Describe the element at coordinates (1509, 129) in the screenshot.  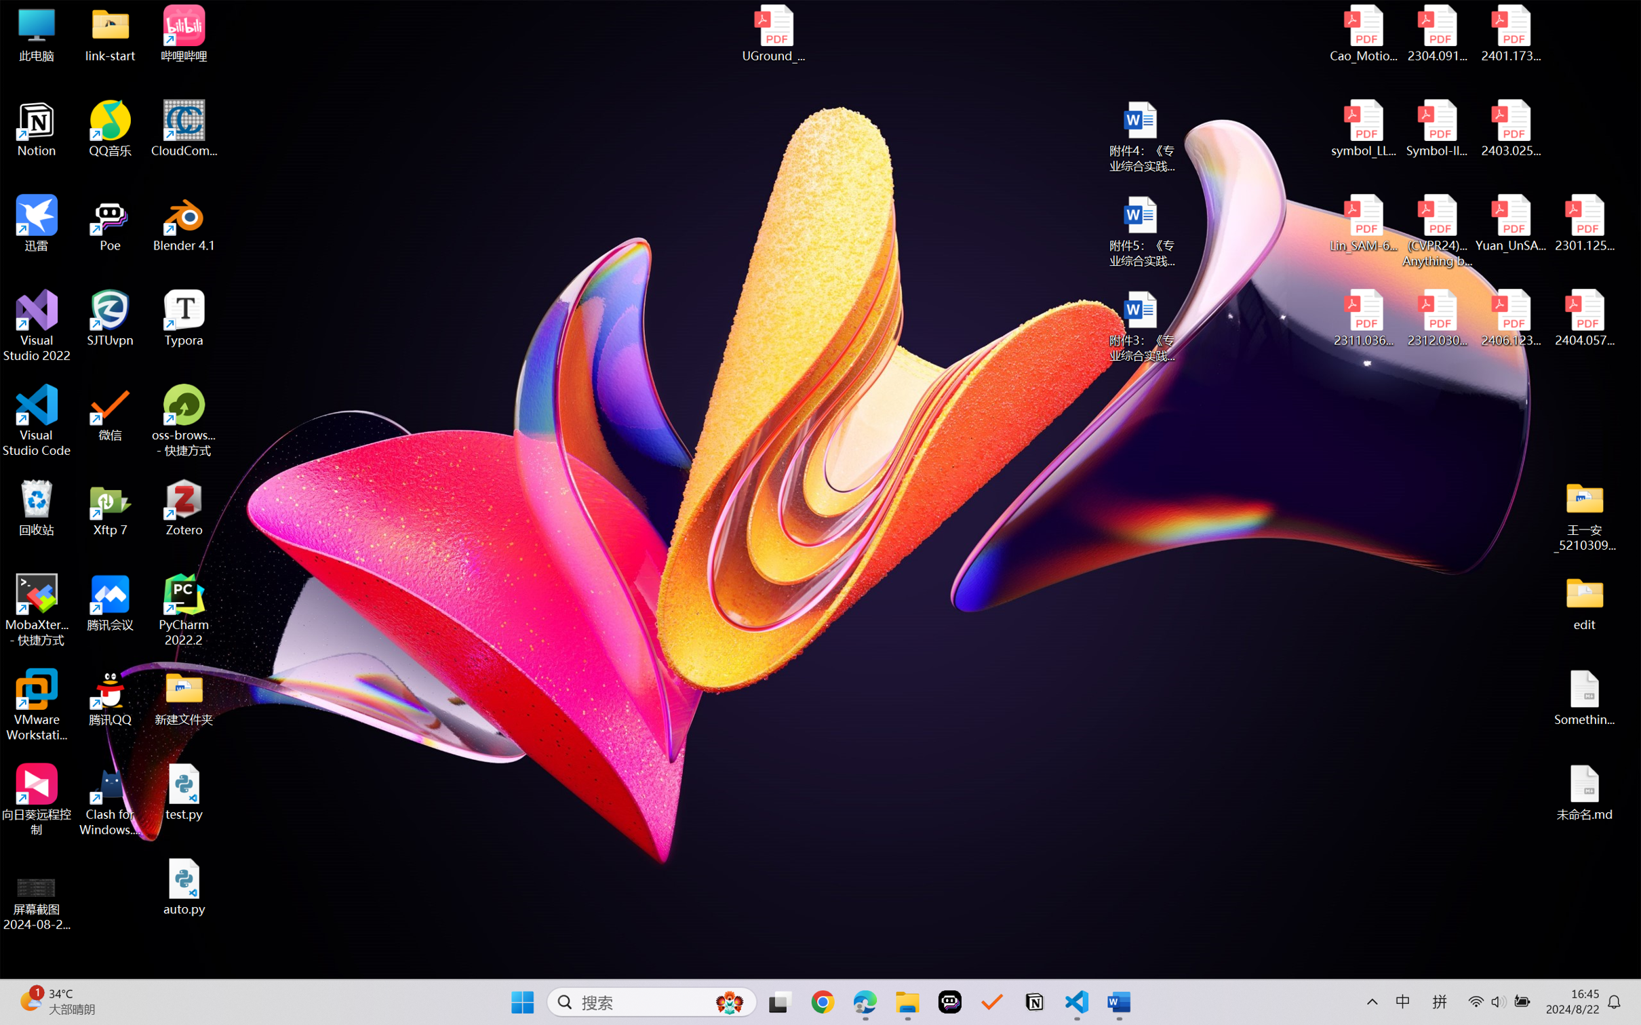
I see `'2403.02502v1.pdf'` at that location.